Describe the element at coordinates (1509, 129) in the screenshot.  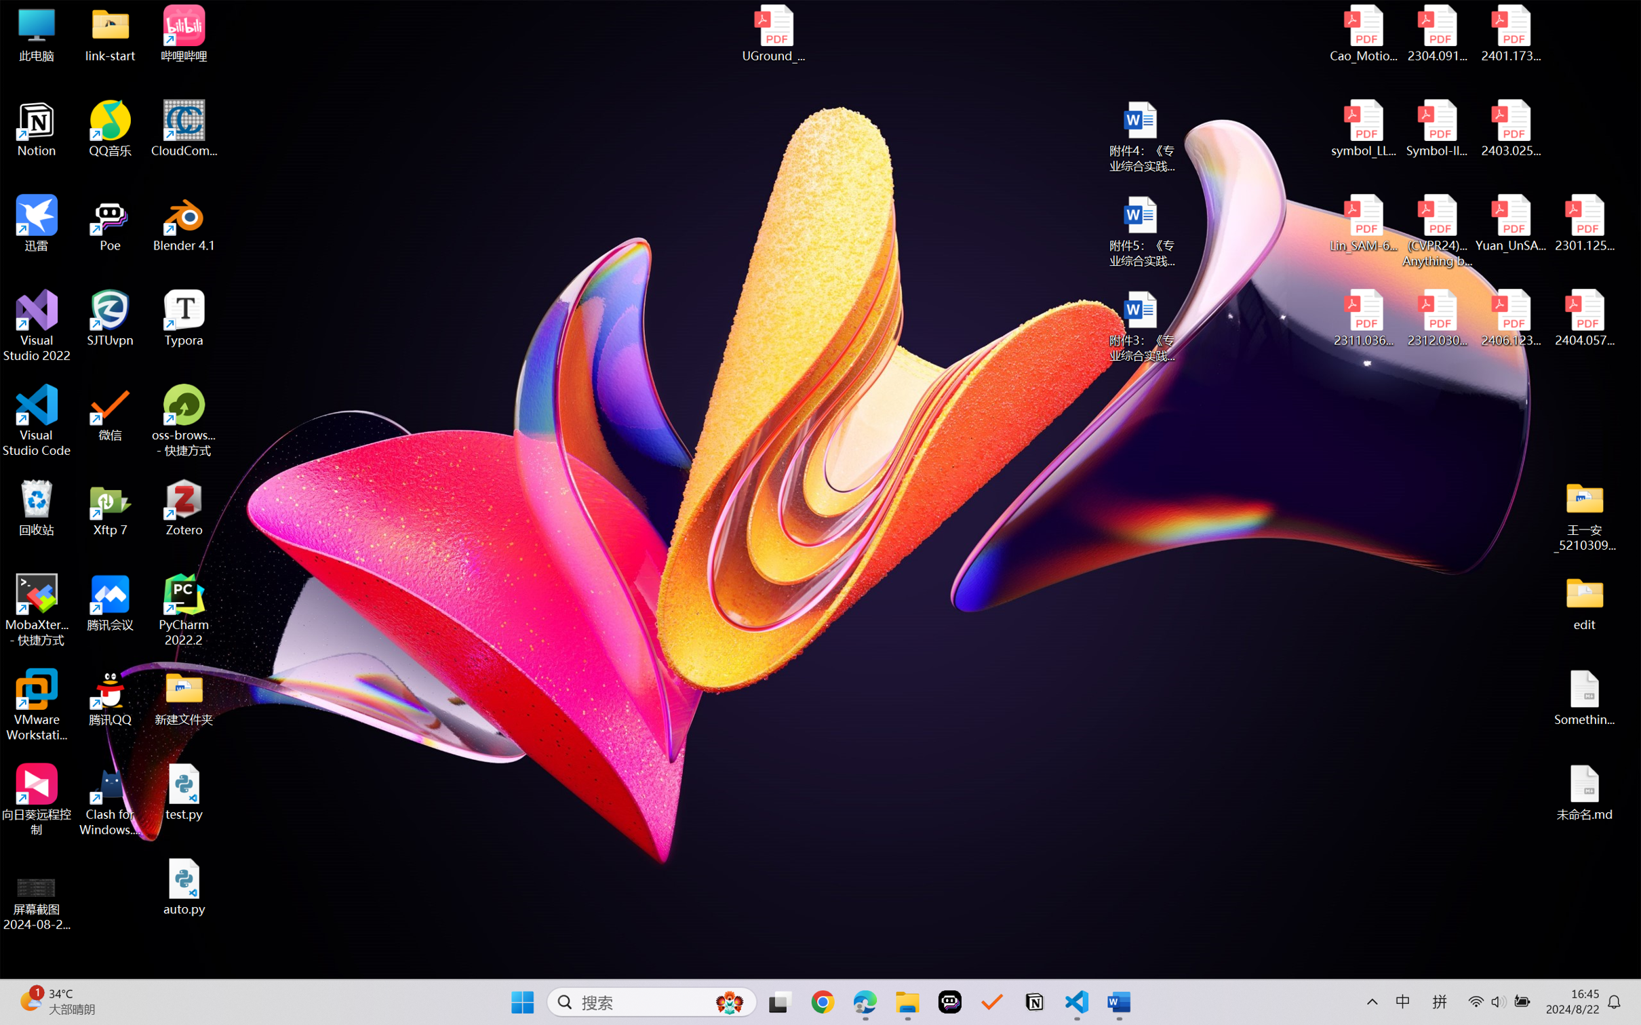
I see `'2403.02502v1.pdf'` at that location.